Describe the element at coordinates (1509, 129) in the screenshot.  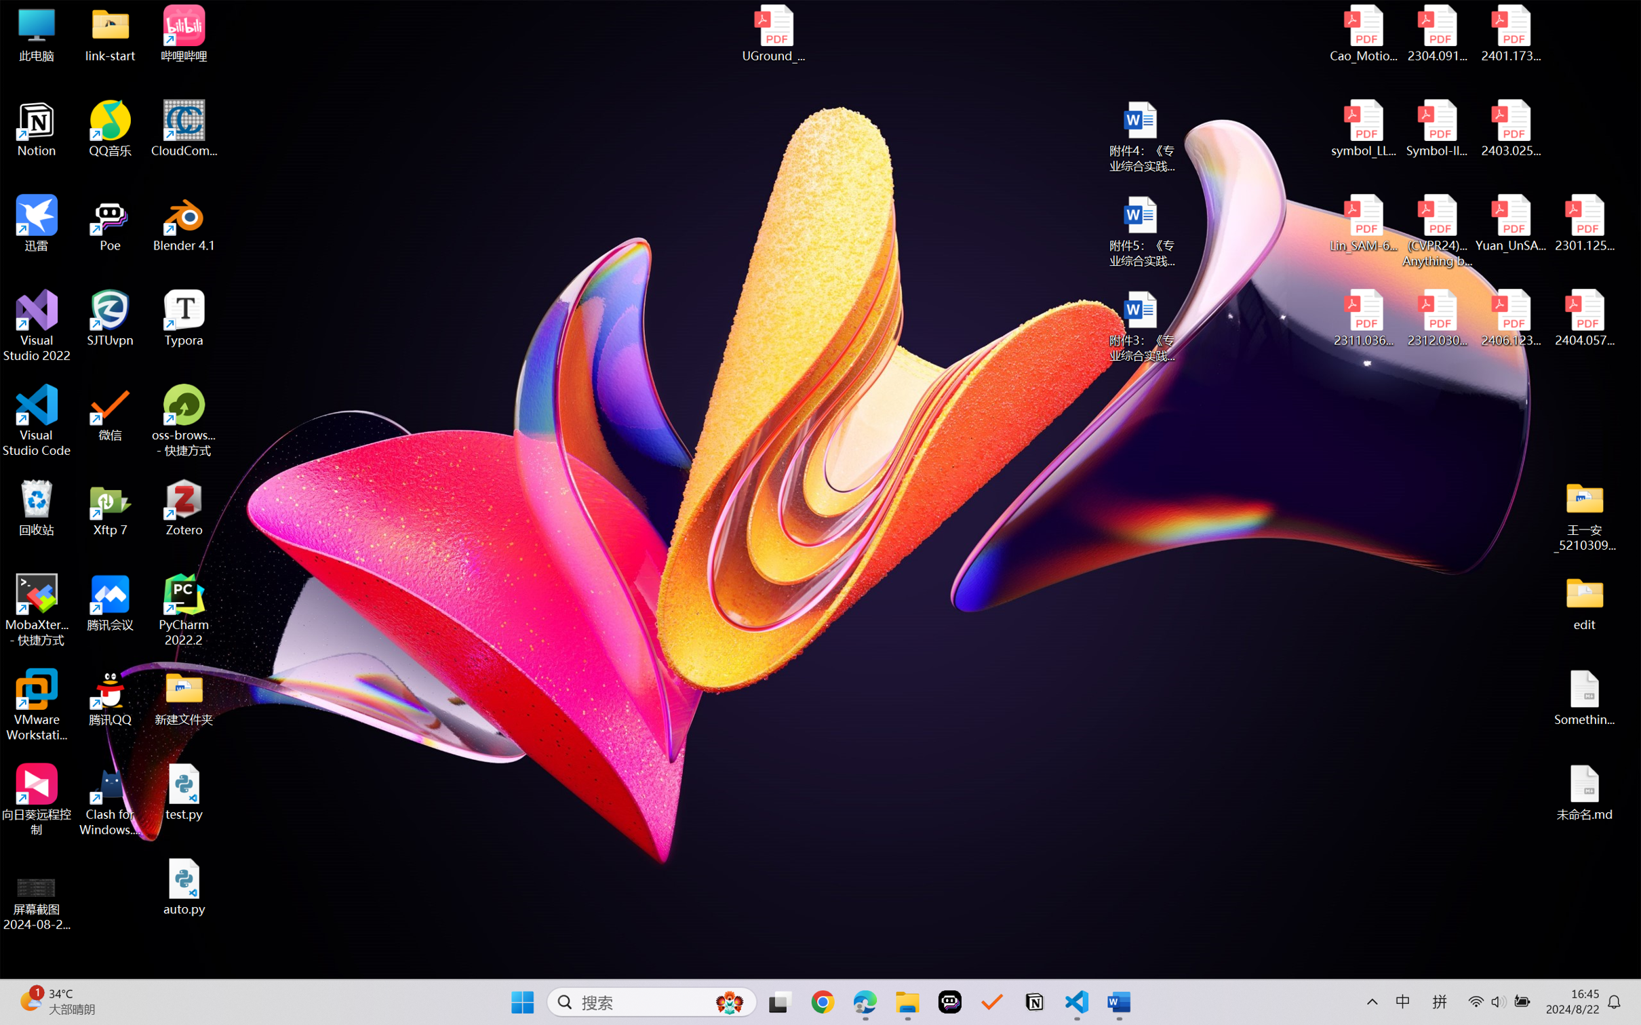
I see `'2403.02502v1.pdf'` at that location.